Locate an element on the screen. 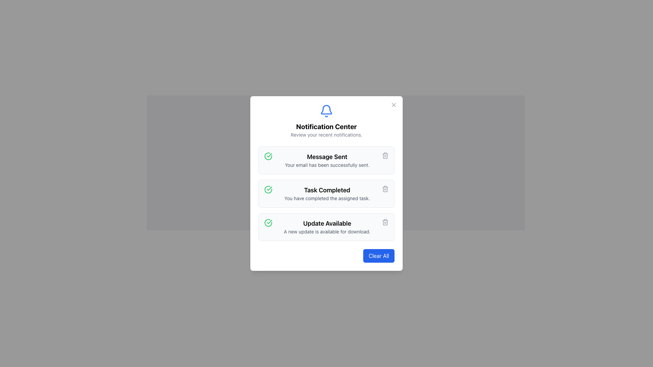 This screenshot has height=367, width=653. the delete button located at the far-right of the 'Task Completed' notification, which is the third item in the vertical stack of notifications is located at coordinates (385, 189).